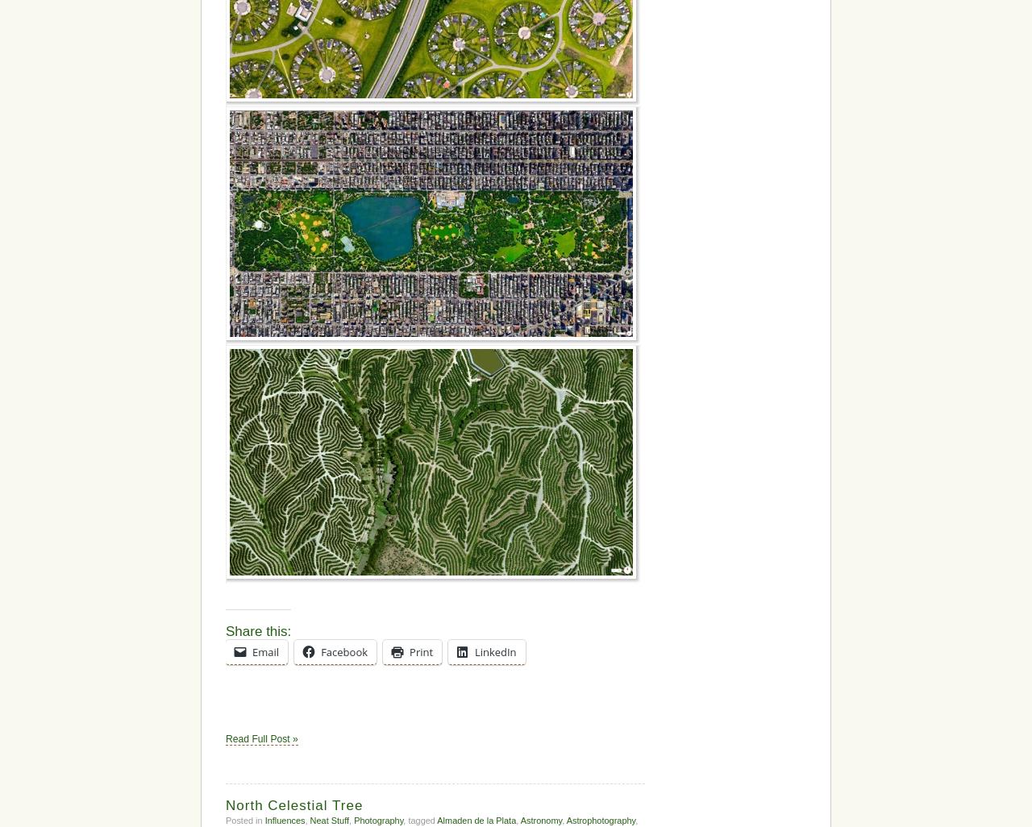 Image resolution: width=1032 pixels, height=827 pixels. What do you see at coordinates (225, 804) in the screenshot?
I see `'North Celestial Tree'` at bounding box center [225, 804].